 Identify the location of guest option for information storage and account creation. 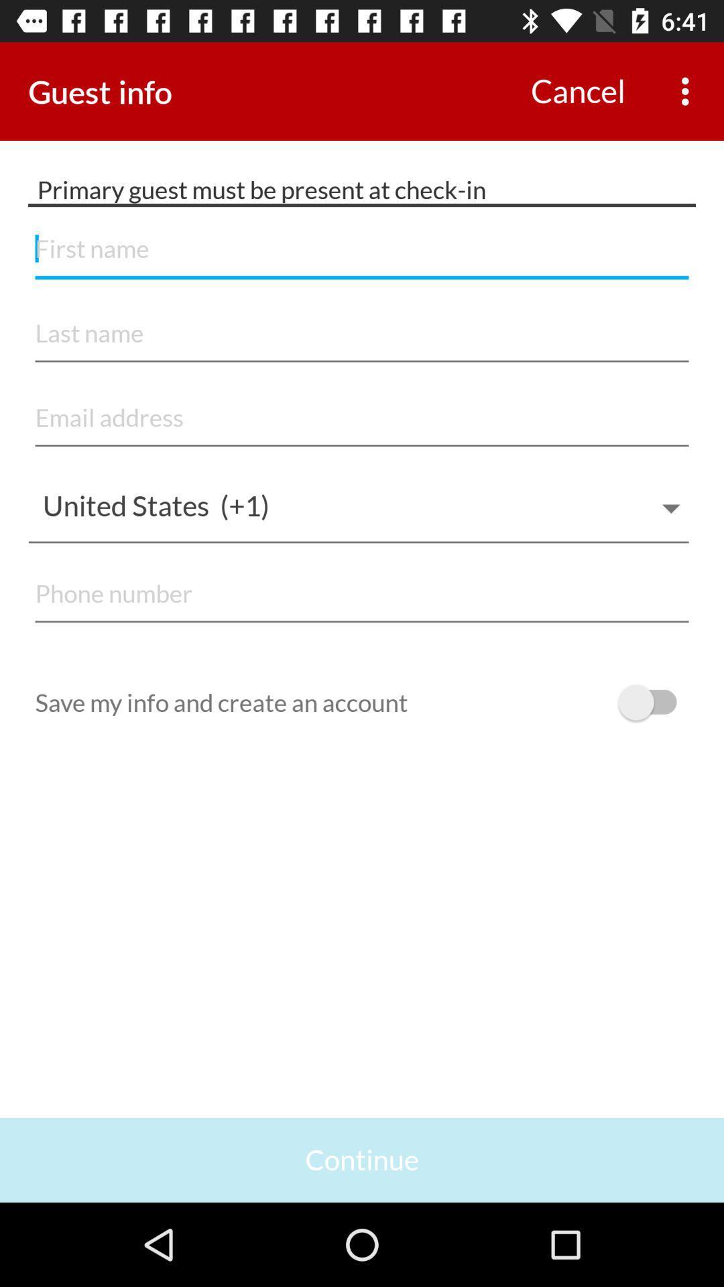
(653, 702).